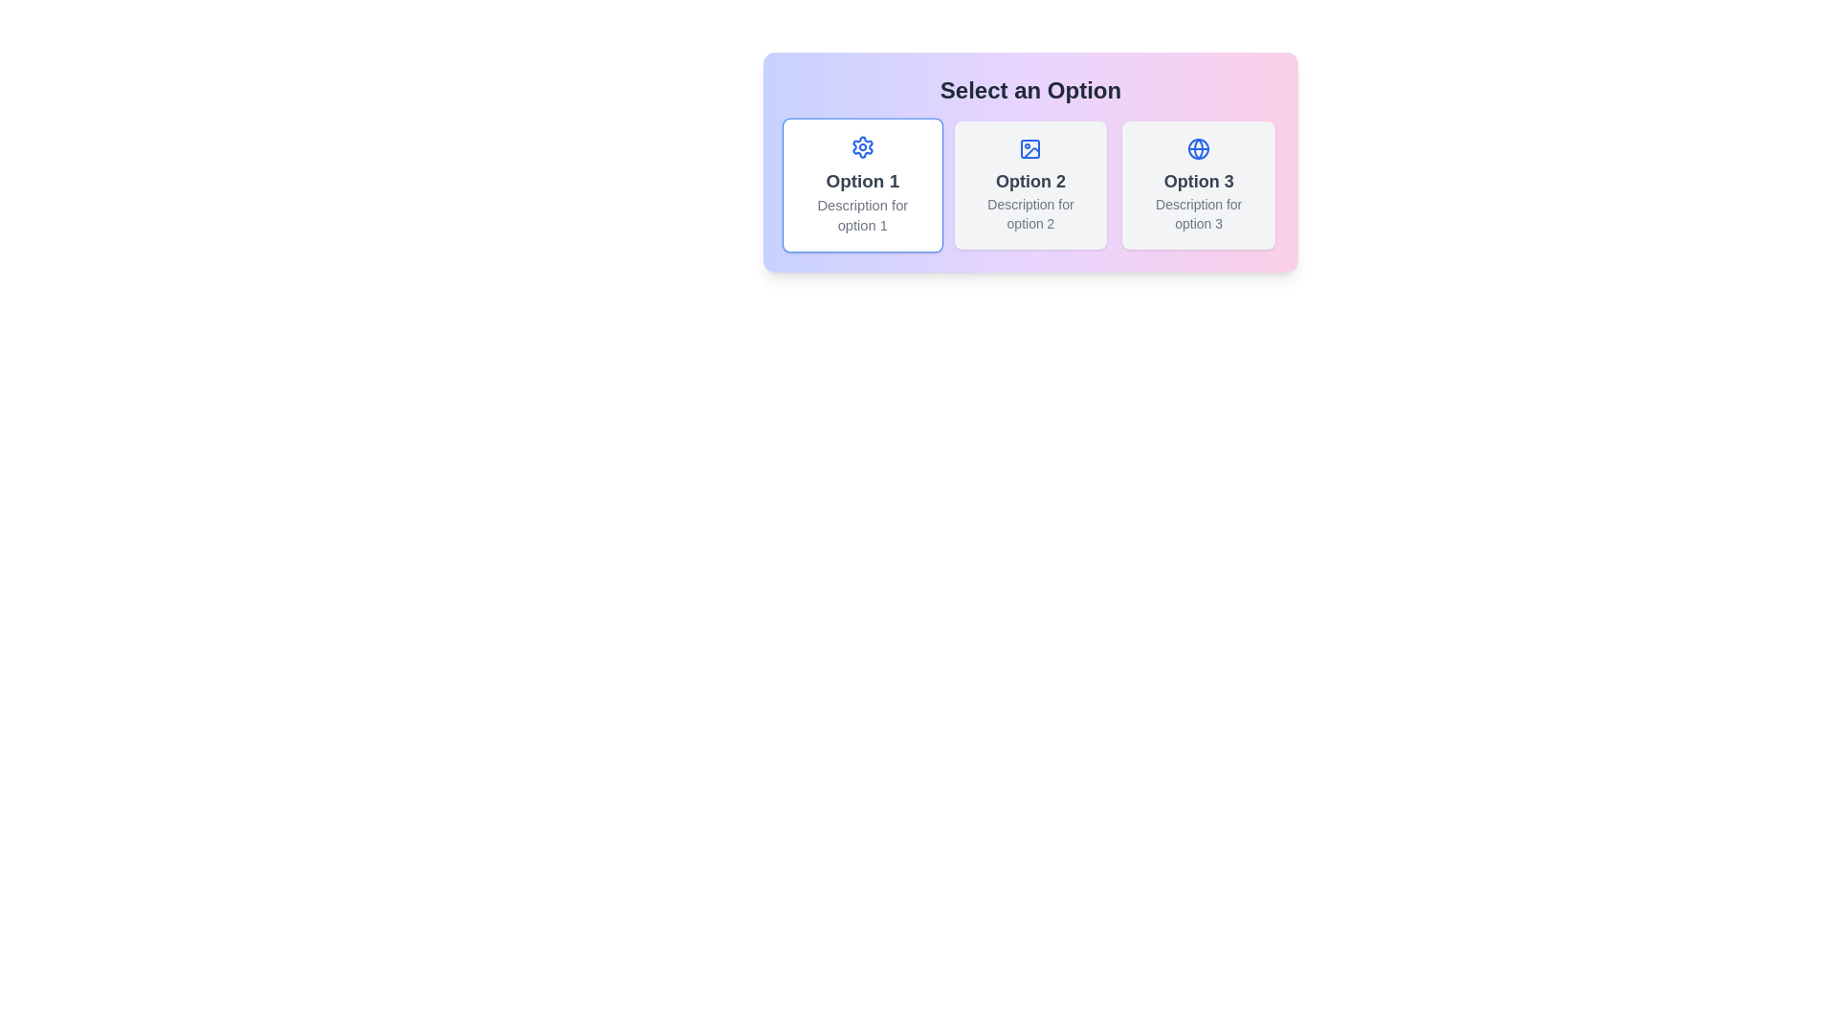 The width and height of the screenshot is (1837, 1033). What do you see at coordinates (1029, 147) in the screenshot?
I see `the blue icon resembling a frame with an inner circle and diagonal line, located above the text 'Option 2' in the second selection card` at bounding box center [1029, 147].